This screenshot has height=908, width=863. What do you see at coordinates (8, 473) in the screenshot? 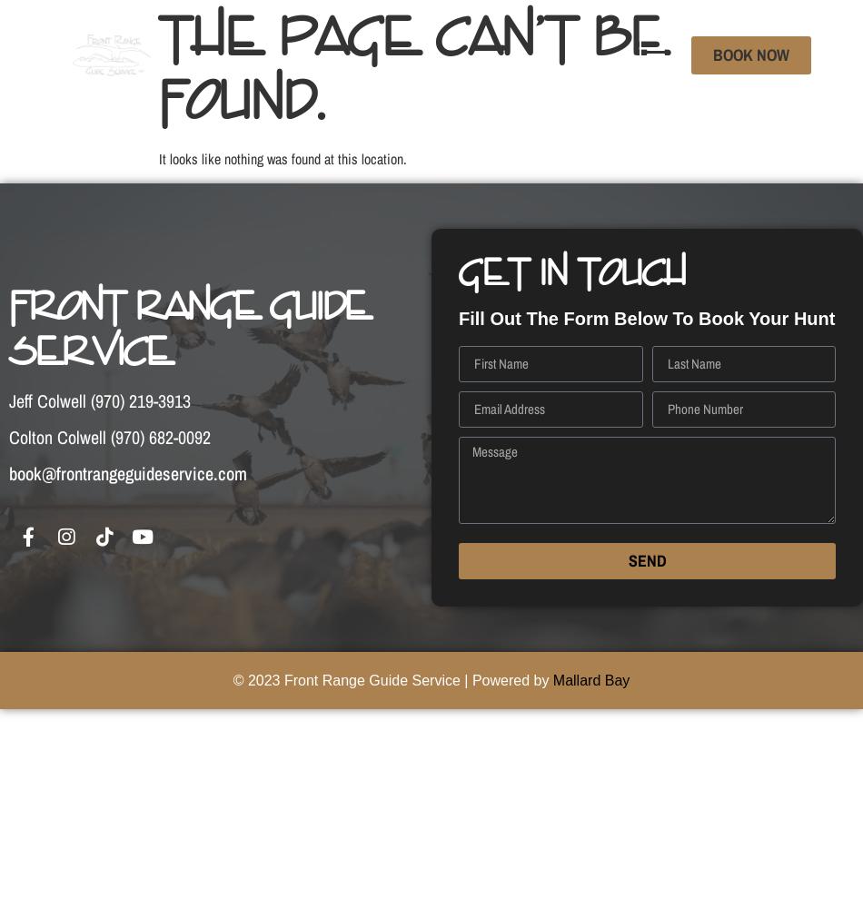
I see `'book@frontrangeguideservice.com'` at bounding box center [8, 473].